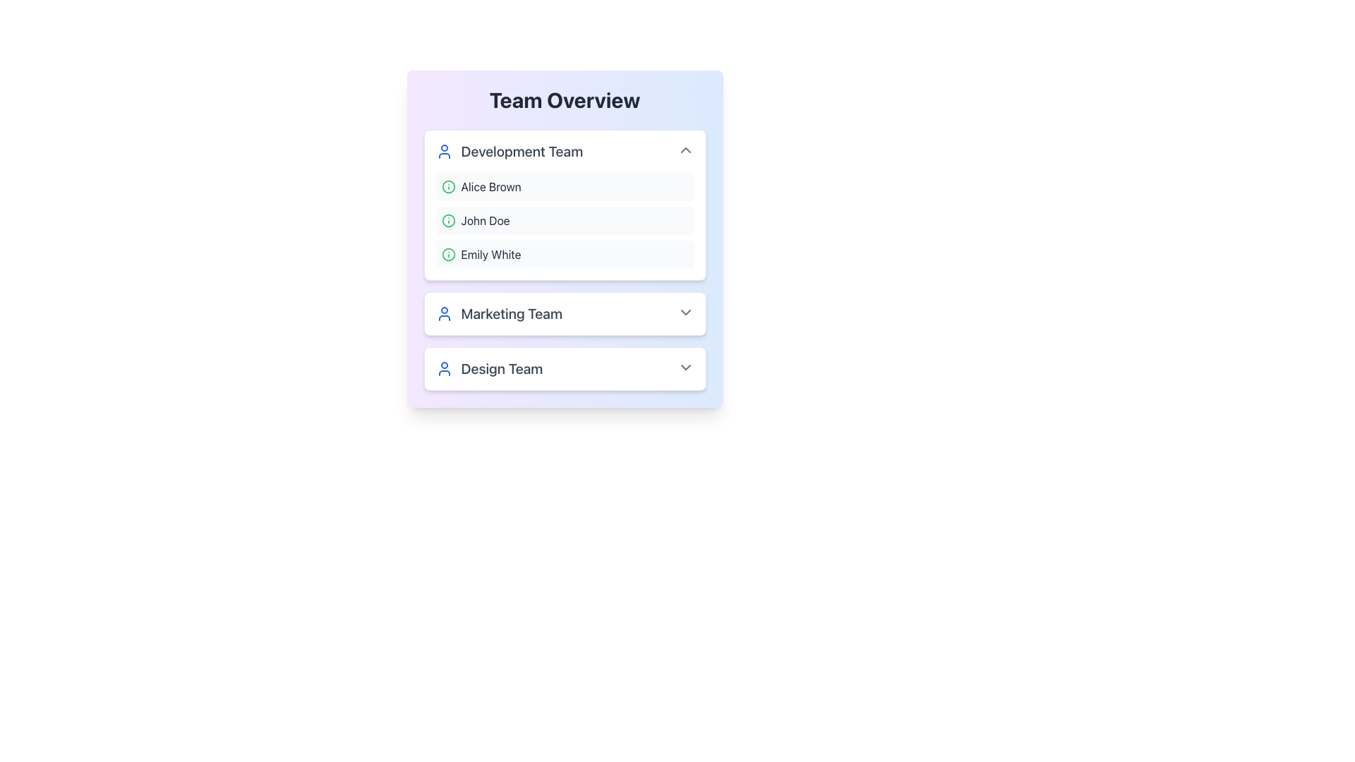  Describe the element at coordinates (685, 366) in the screenshot. I see `the dropdown indicator icon located at the far-right of the 'Design Team' section` at that location.